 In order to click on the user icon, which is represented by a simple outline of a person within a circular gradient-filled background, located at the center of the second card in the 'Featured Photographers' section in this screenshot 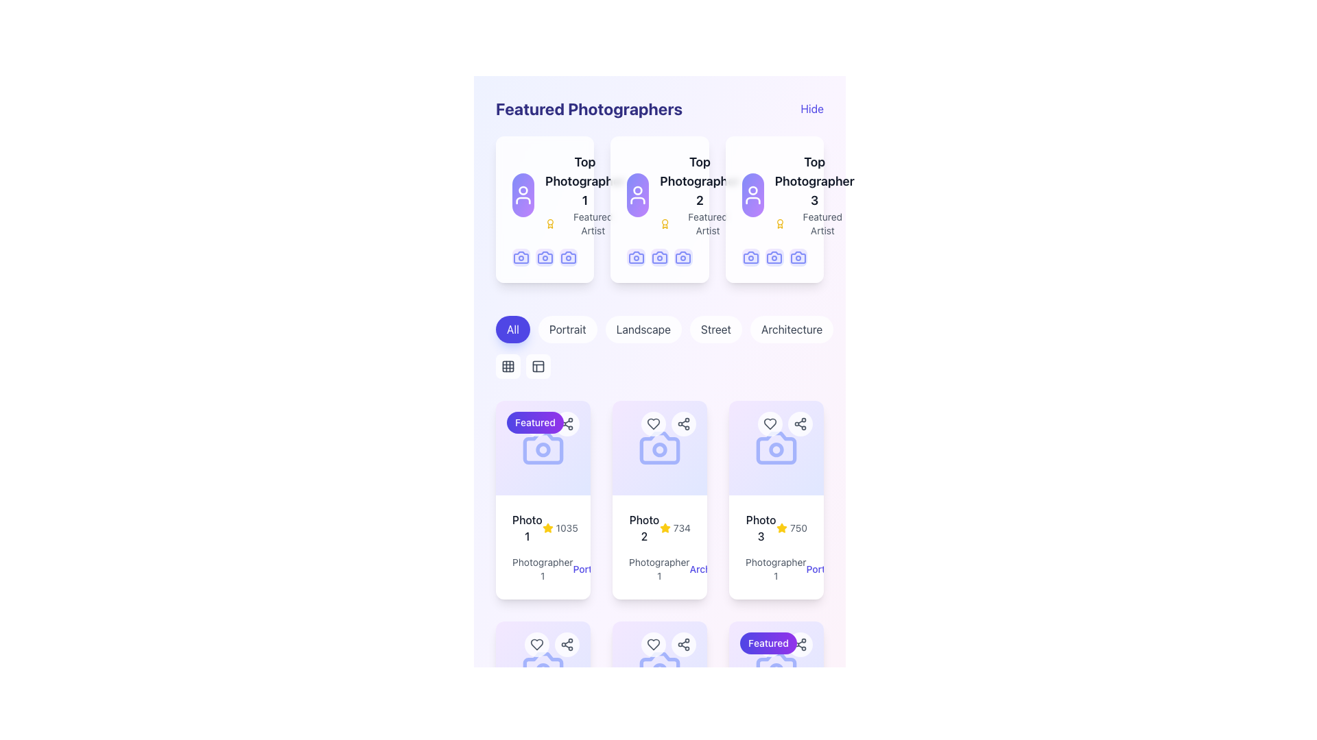, I will do `click(637, 195)`.